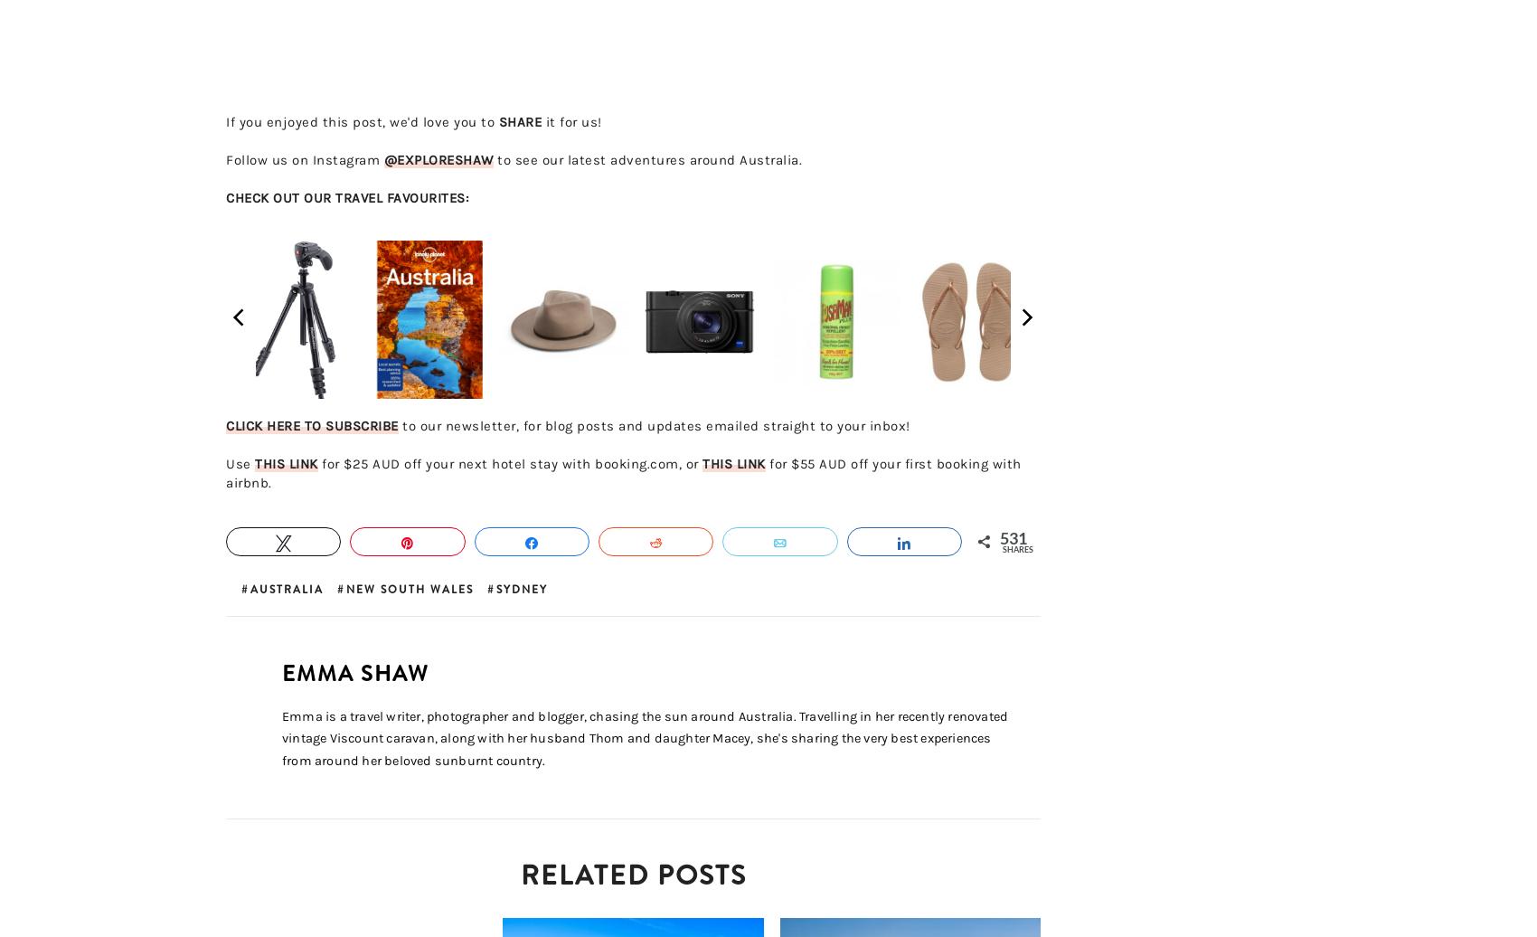  Describe the element at coordinates (654, 425) in the screenshot. I see `'to our newsletter, for blog posts and updates emailed straight to your inbox!'` at that location.